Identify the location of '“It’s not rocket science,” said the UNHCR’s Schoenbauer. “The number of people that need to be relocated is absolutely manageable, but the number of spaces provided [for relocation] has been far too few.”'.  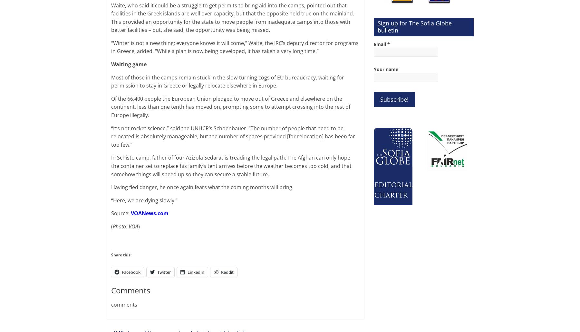
(233, 136).